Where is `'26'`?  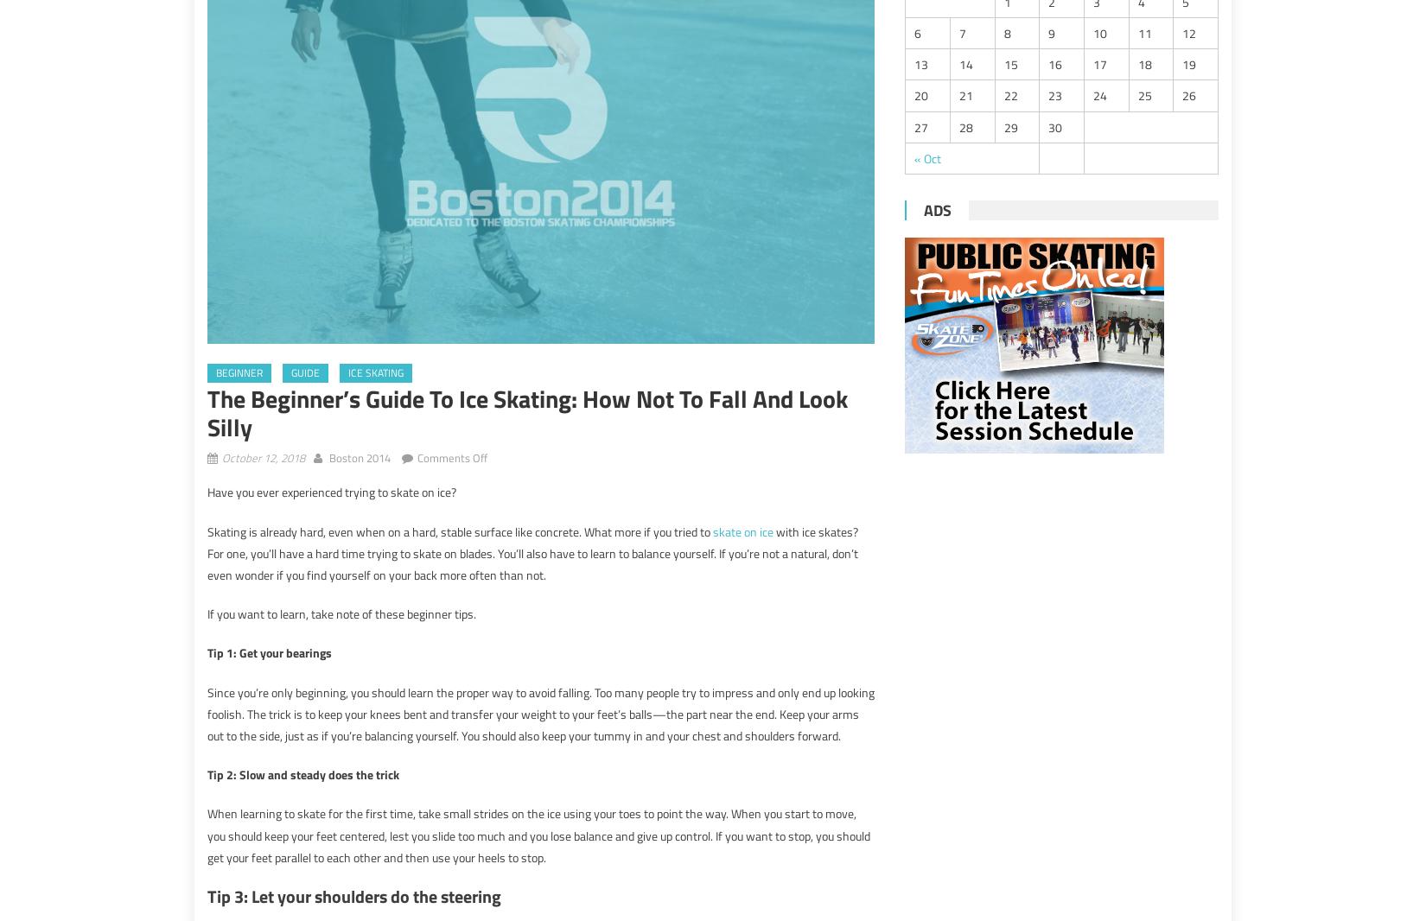
'26' is located at coordinates (1187, 94).